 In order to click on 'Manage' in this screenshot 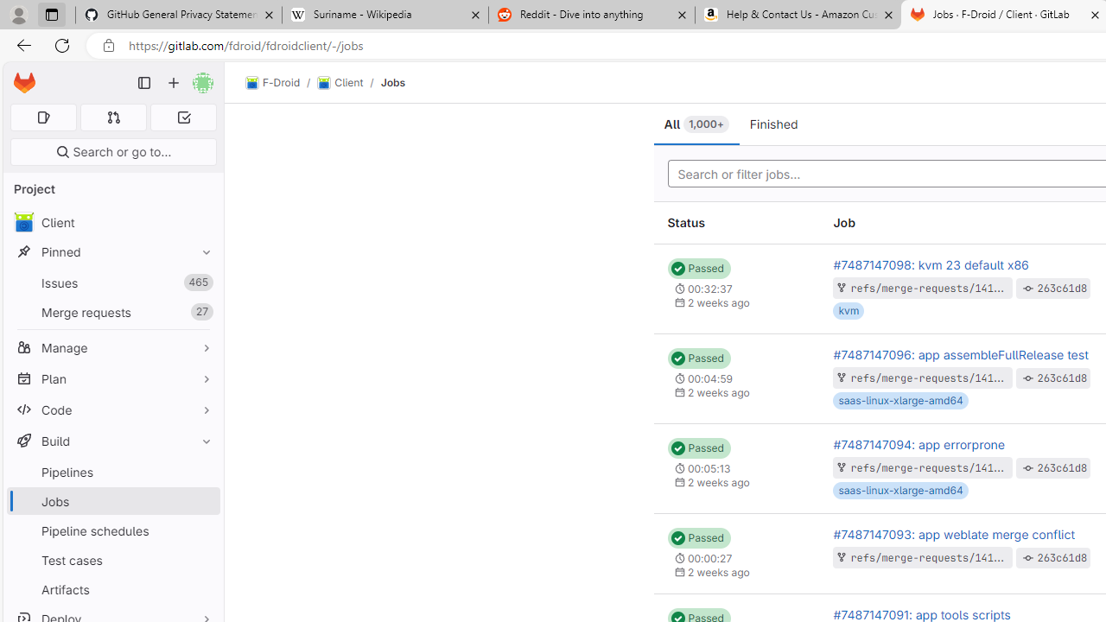, I will do `click(112, 347)`.